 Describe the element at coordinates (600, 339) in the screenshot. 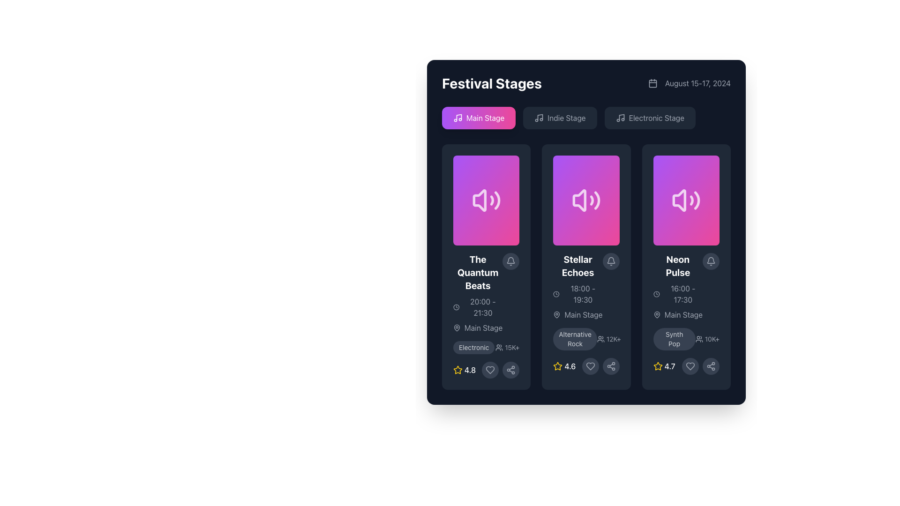

I see `properties of the icon representing the number of attendees, which is positioned next to the text '12K+' for the 'Stellar Echoes' event` at that location.